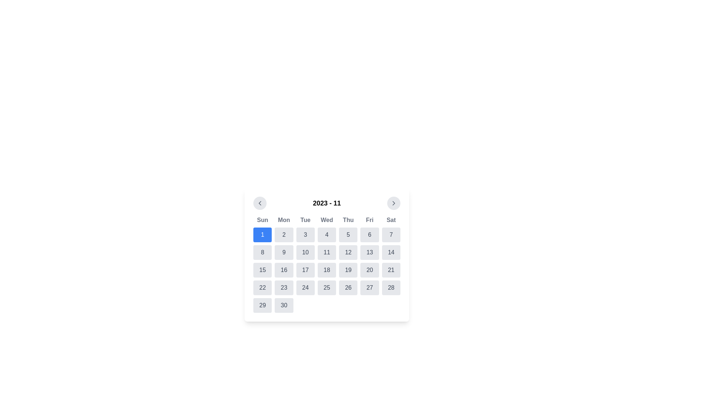 The image size is (706, 397). What do you see at coordinates (284, 287) in the screenshot?
I see `the button labeled '23' which has a light gray background and is styled with rounded corners` at bounding box center [284, 287].